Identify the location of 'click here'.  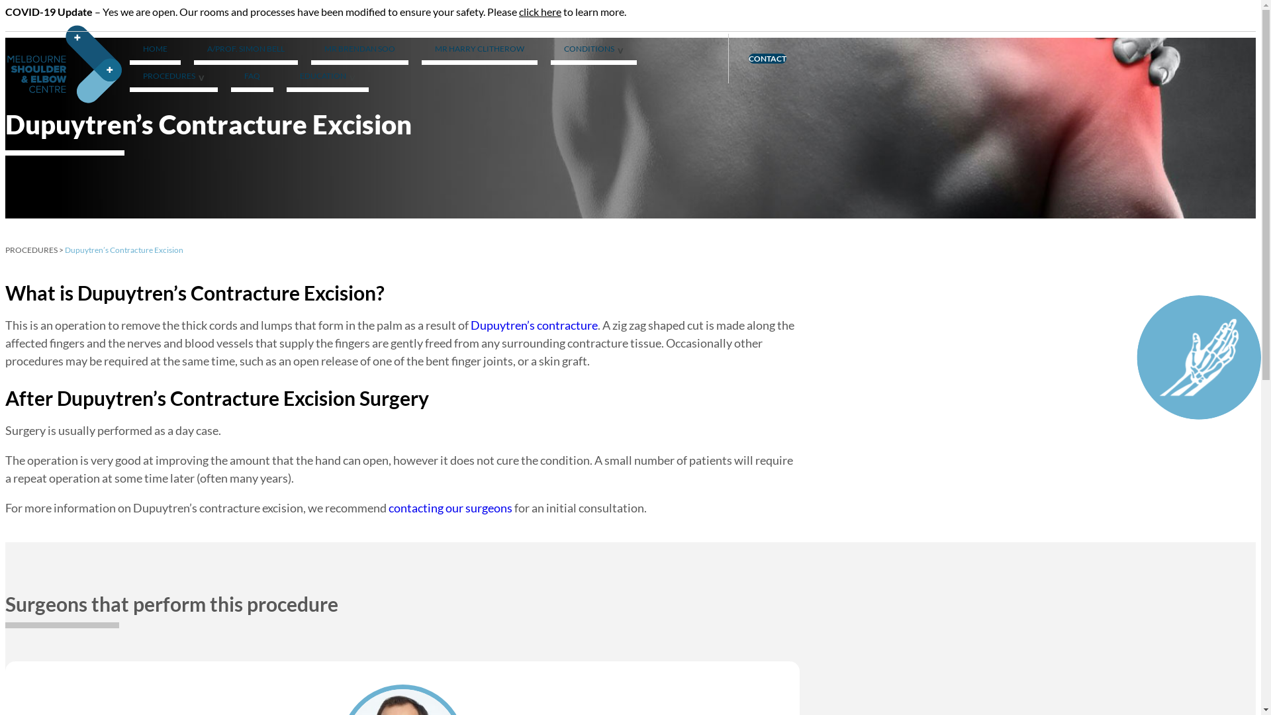
(540, 11).